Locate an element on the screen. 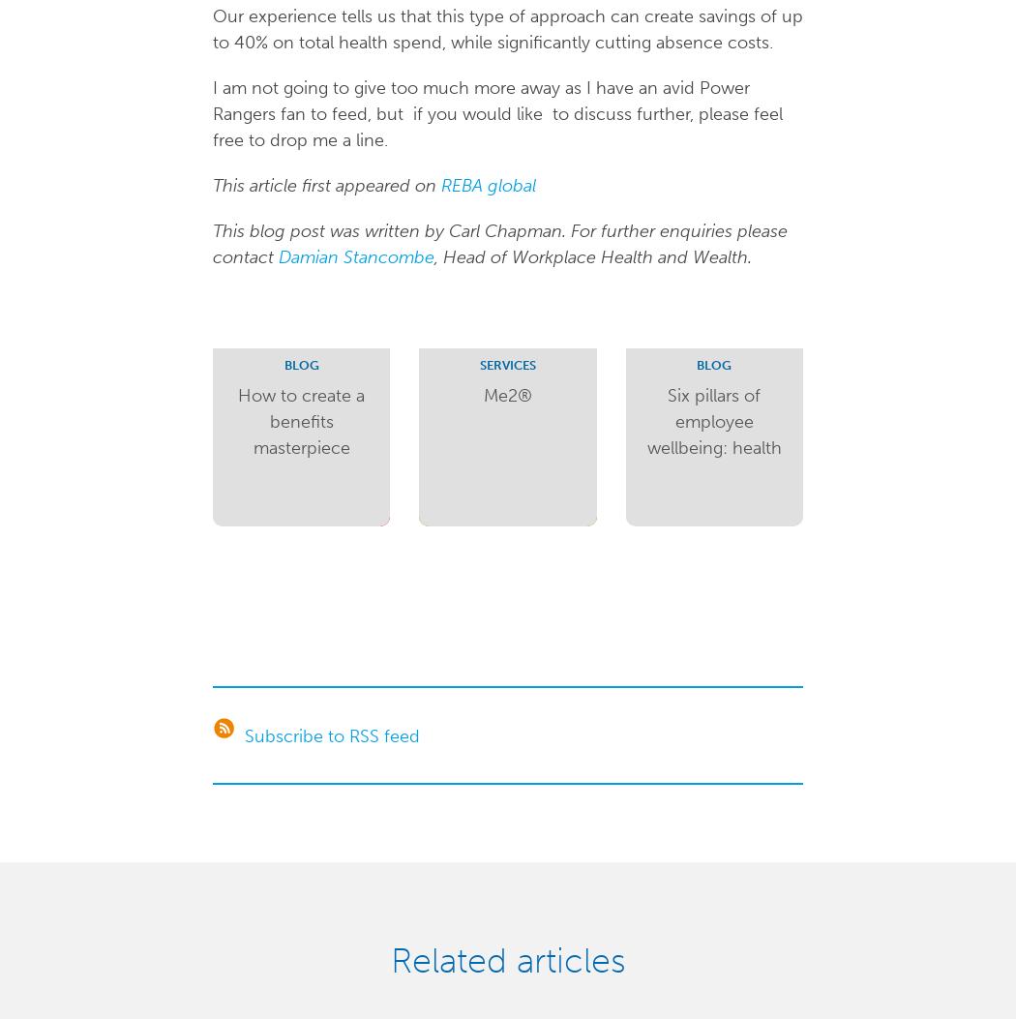 This screenshot has height=1019, width=1016. 'How to create a benefits masterpiece' is located at coordinates (238, 419).